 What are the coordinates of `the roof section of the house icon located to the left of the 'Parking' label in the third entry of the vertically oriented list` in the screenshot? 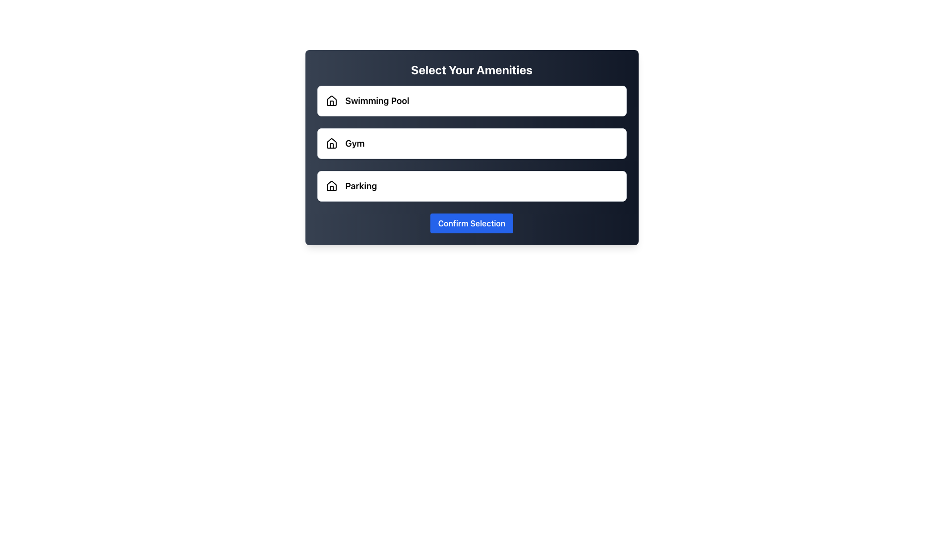 It's located at (331, 188).